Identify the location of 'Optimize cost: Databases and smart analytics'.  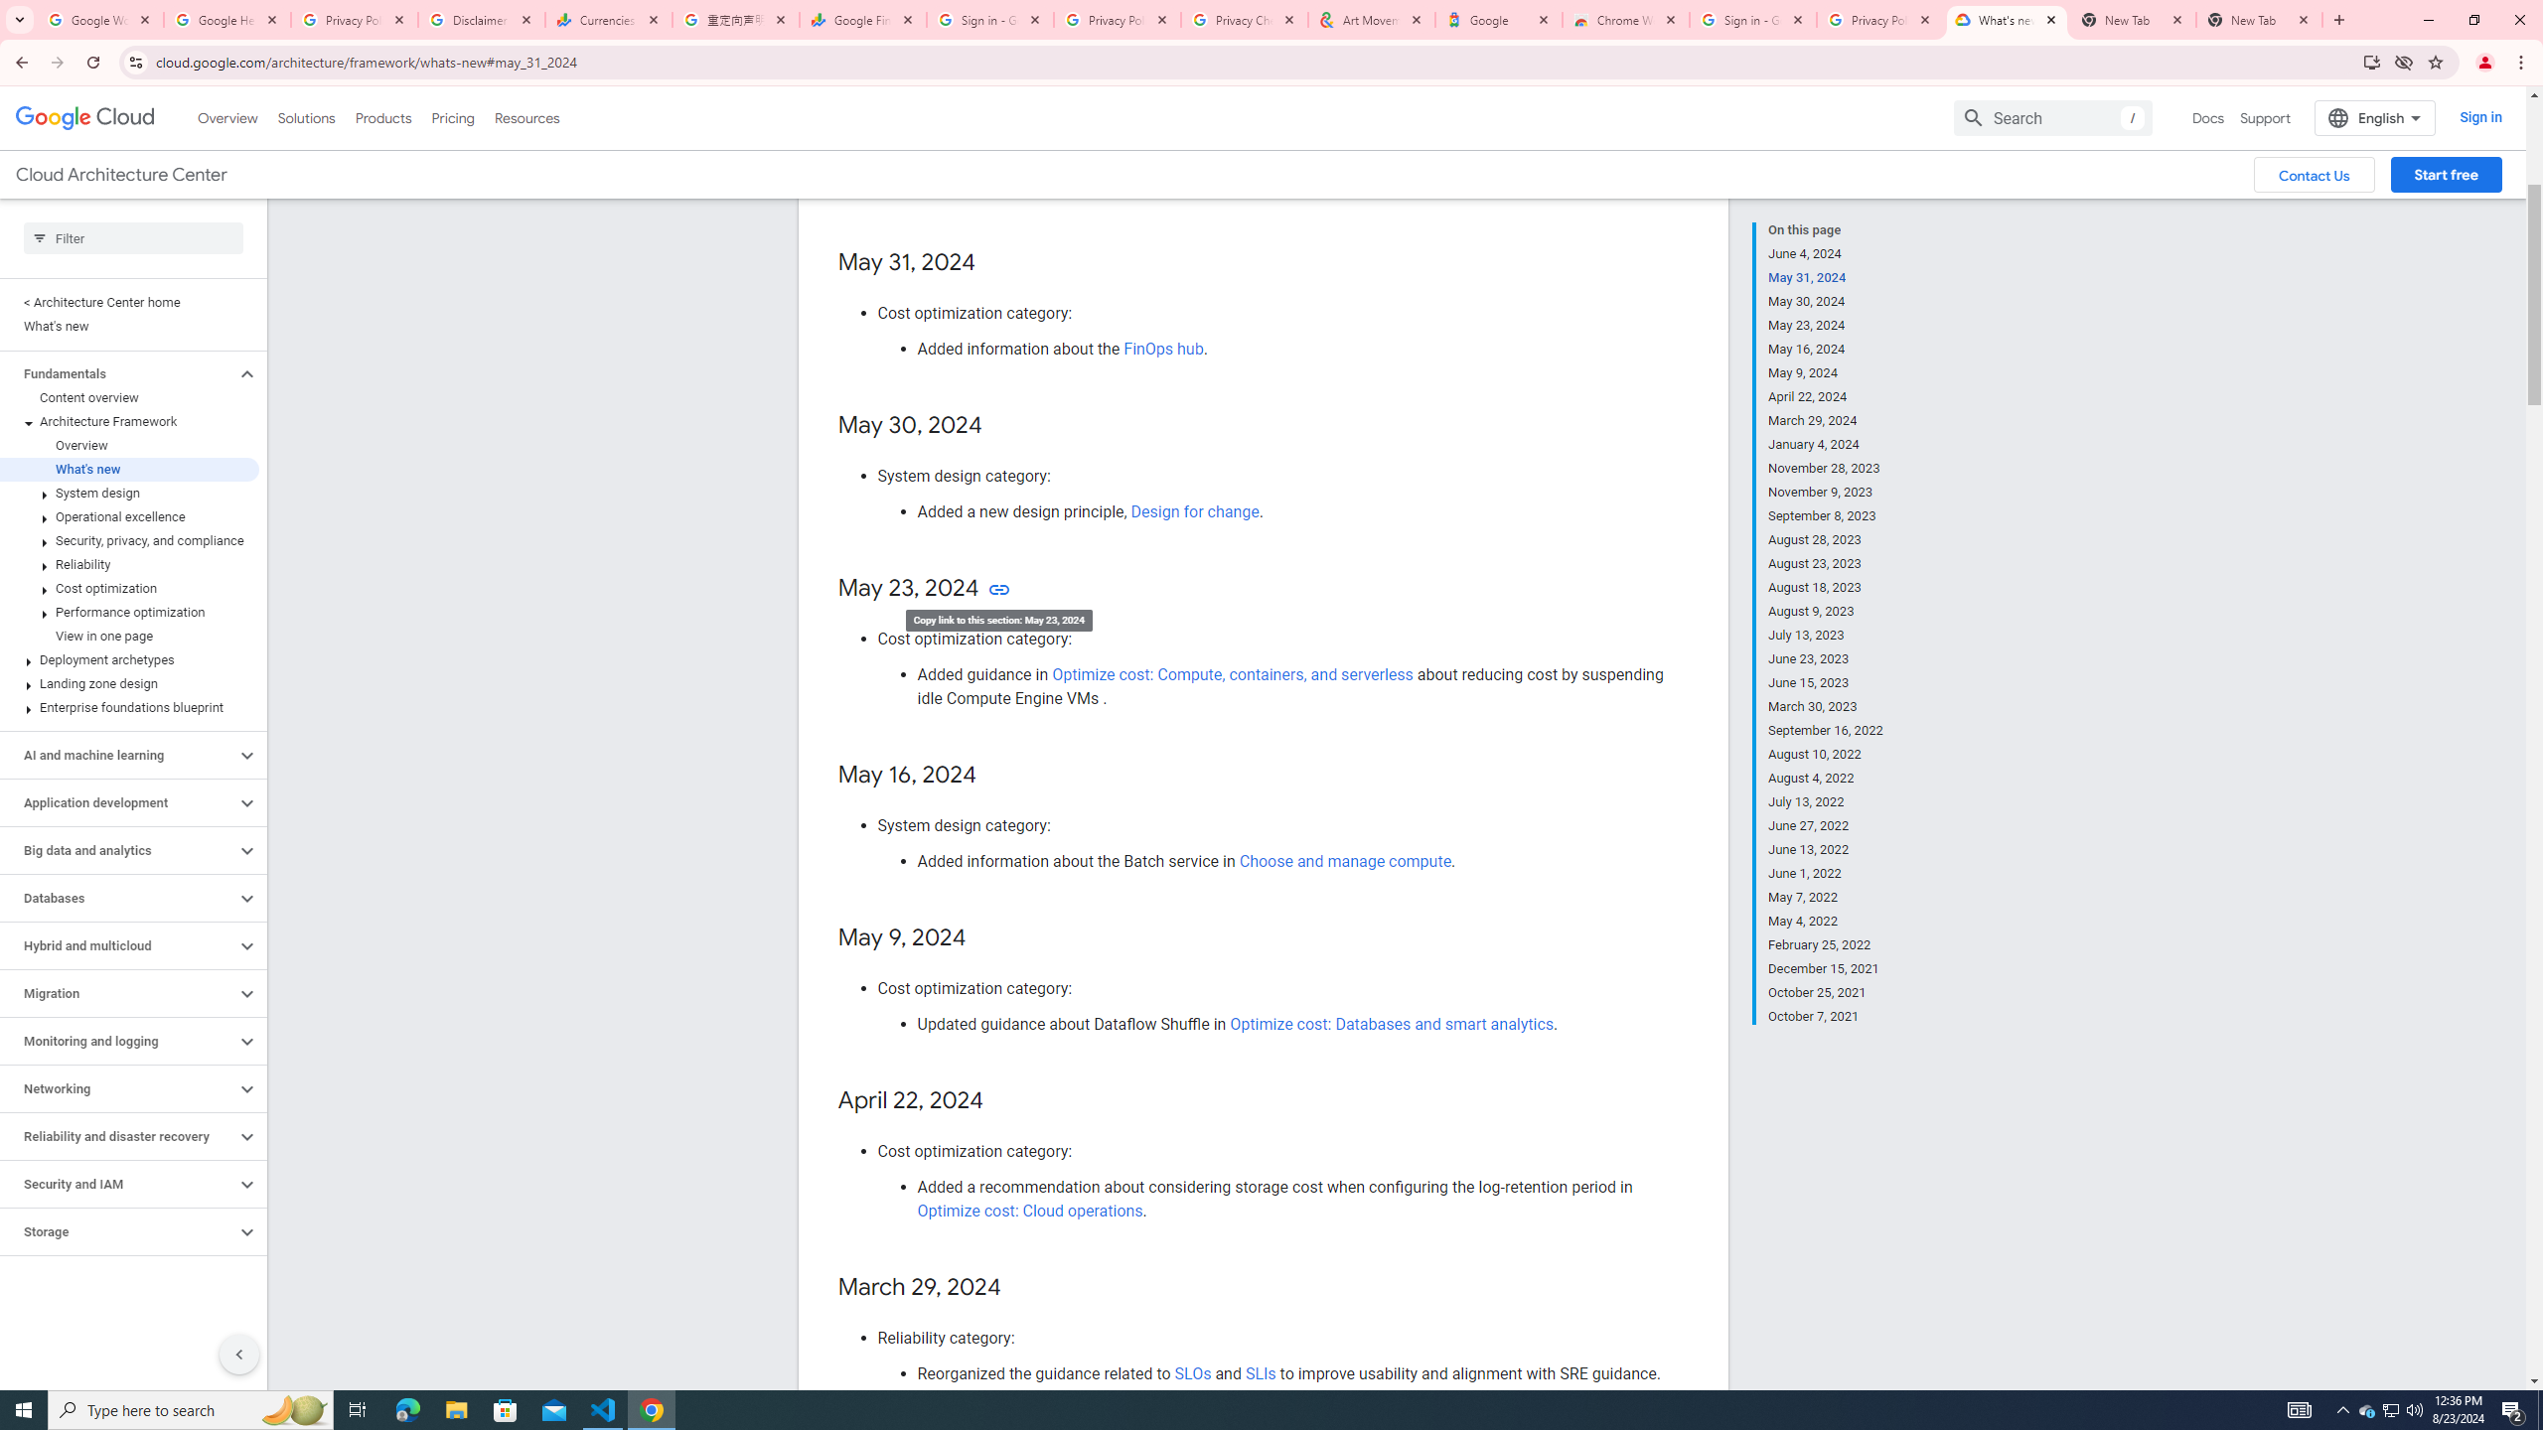
(1392, 1023).